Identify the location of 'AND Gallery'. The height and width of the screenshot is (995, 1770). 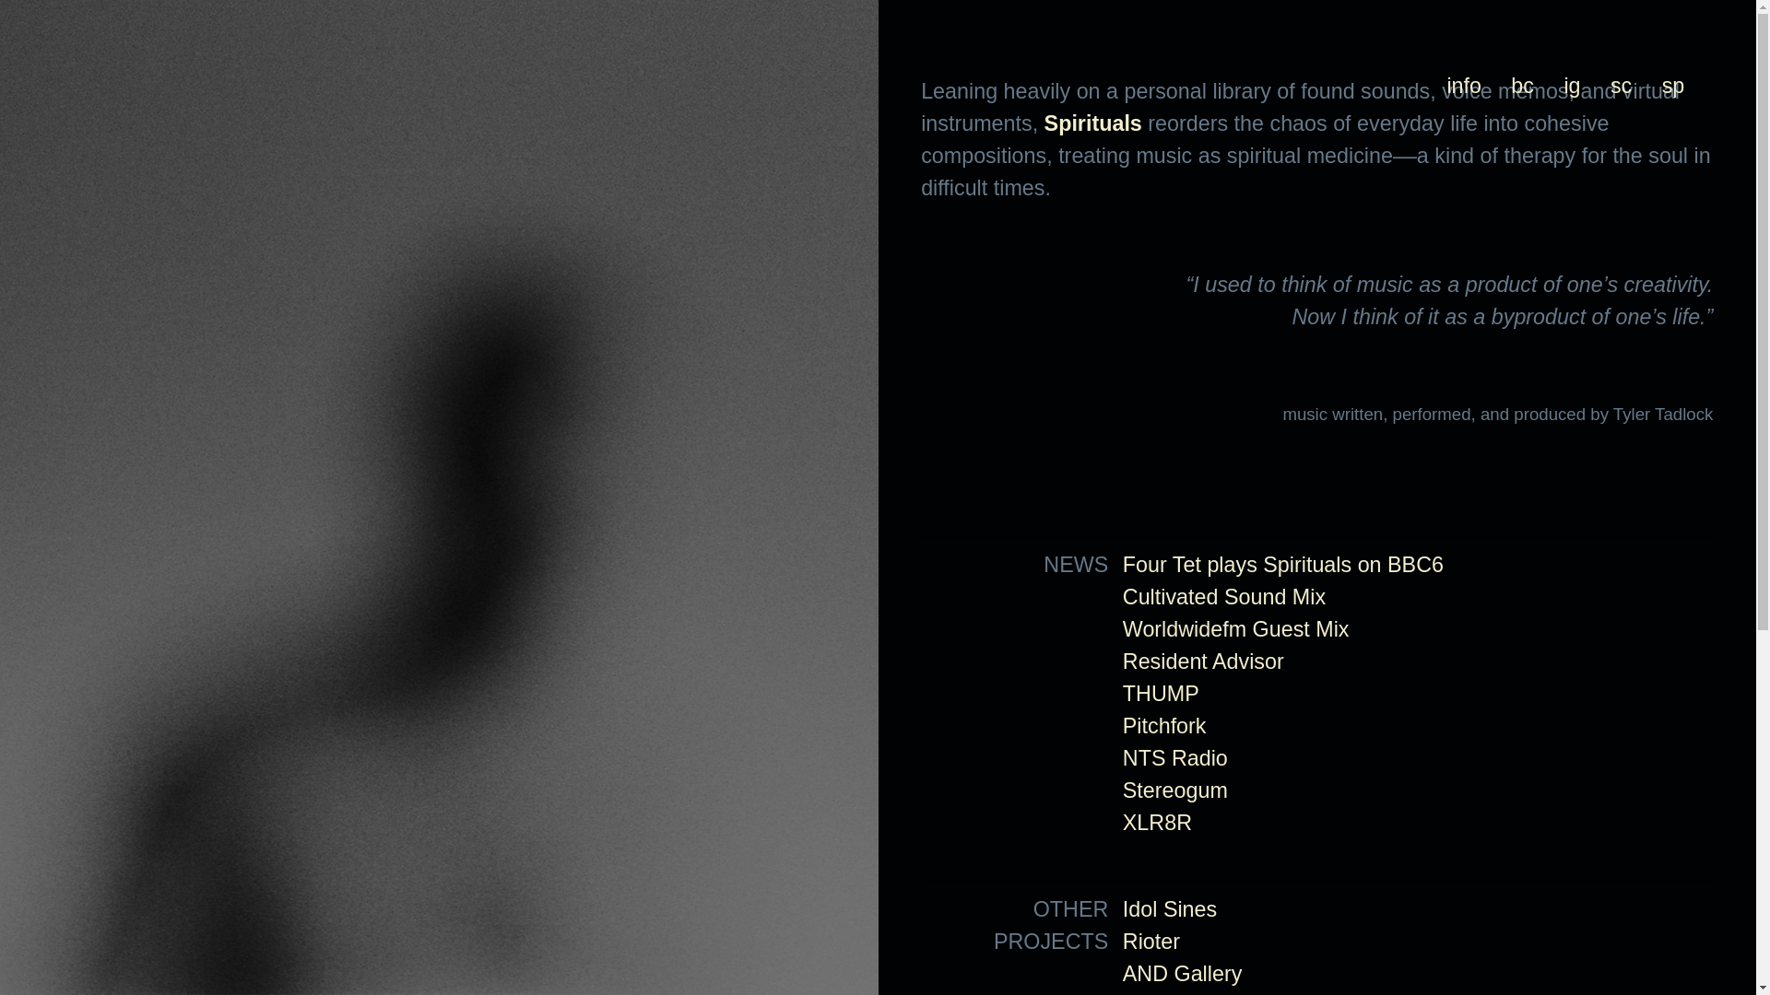
(1182, 973).